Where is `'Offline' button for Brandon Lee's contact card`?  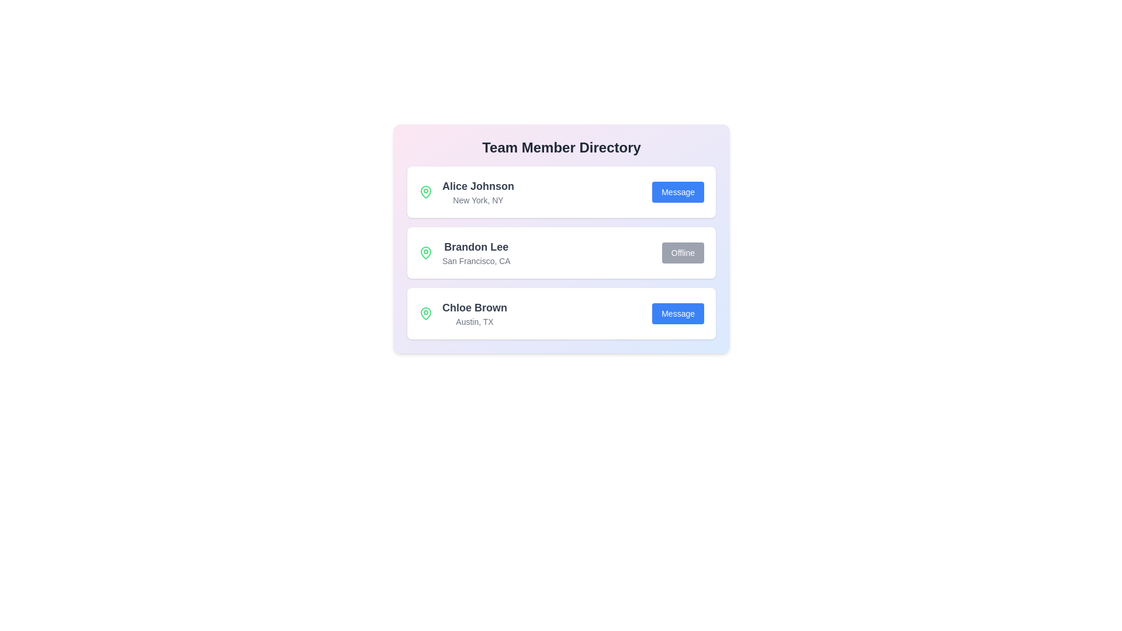 'Offline' button for Brandon Lee's contact card is located at coordinates (683, 252).